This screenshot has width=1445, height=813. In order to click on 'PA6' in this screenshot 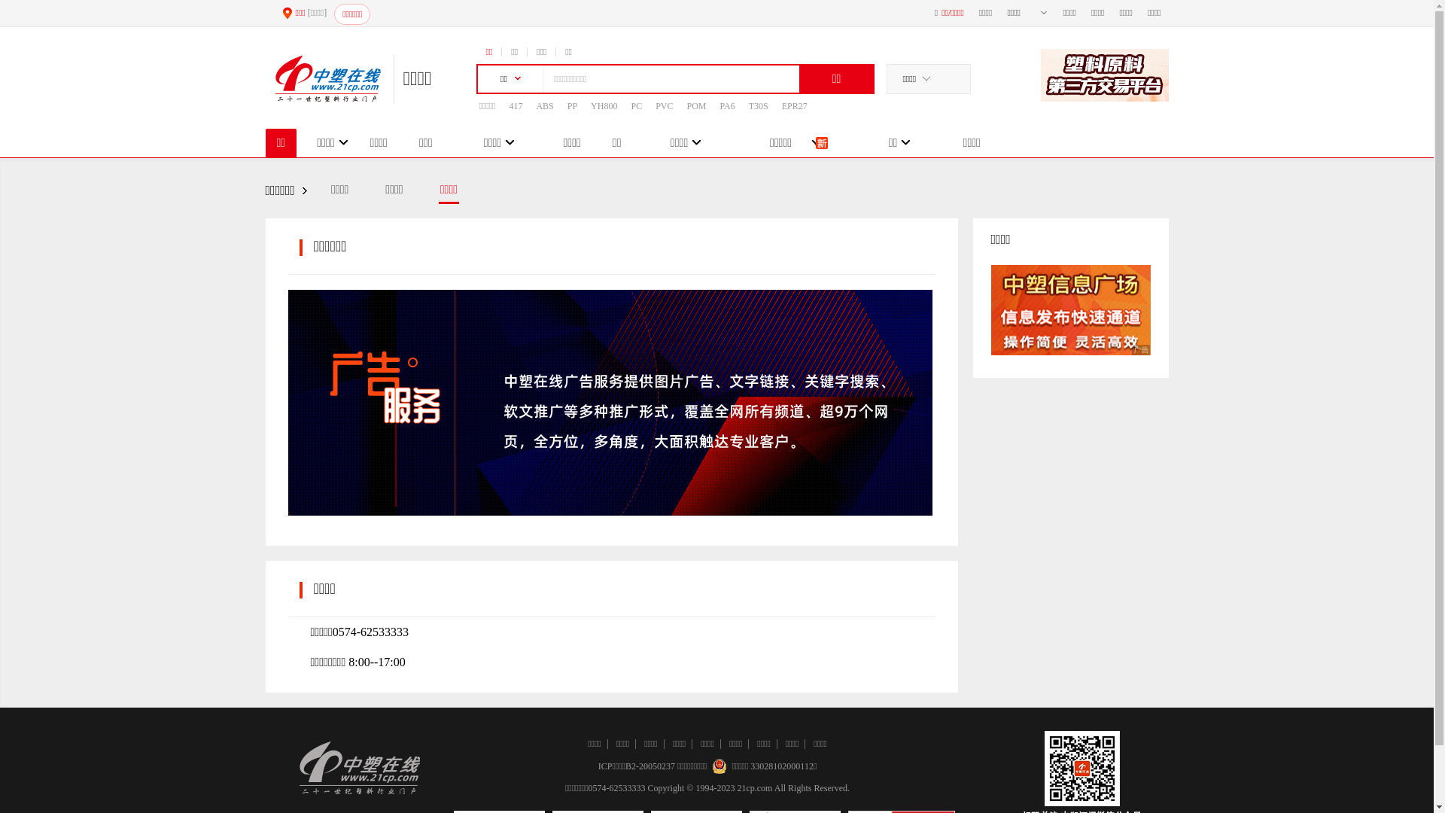, I will do `click(726, 105)`.